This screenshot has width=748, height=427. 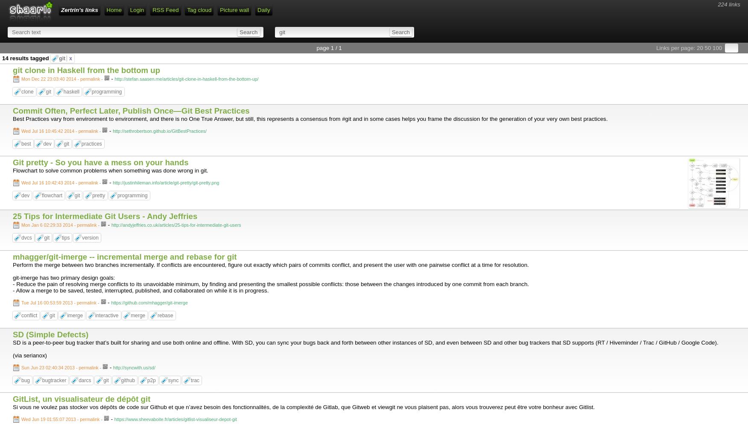 What do you see at coordinates (71, 91) in the screenshot?
I see `'haskell'` at bounding box center [71, 91].